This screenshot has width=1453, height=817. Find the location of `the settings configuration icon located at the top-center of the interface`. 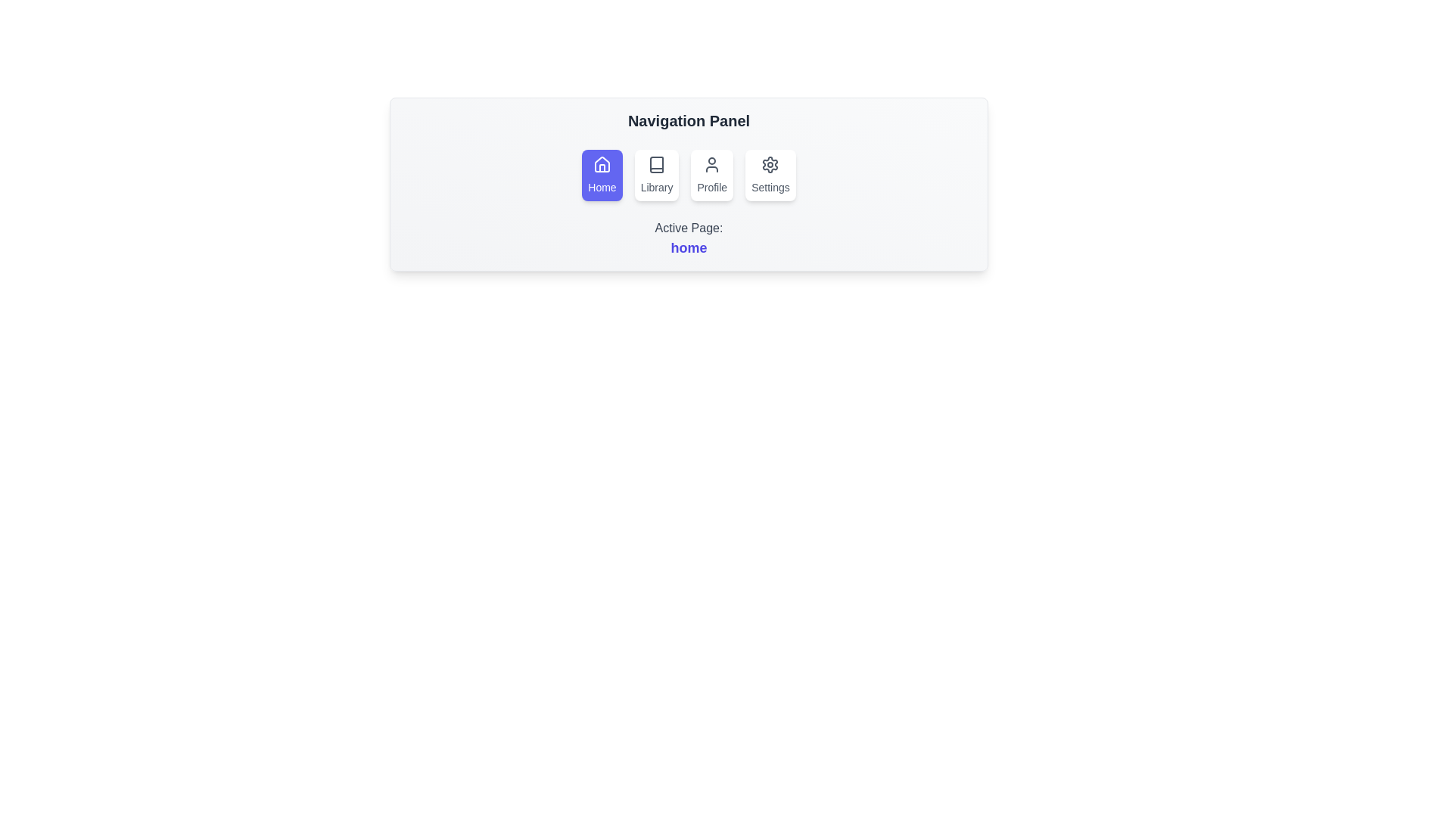

the settings configuration icon located at the top-center of the interface is located at coordinates (770, 165).